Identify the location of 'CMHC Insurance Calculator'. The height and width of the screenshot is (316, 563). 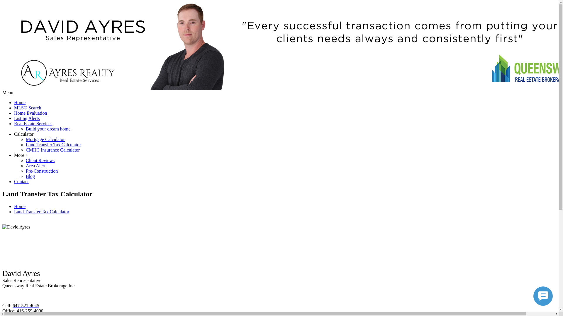
(25, 150).